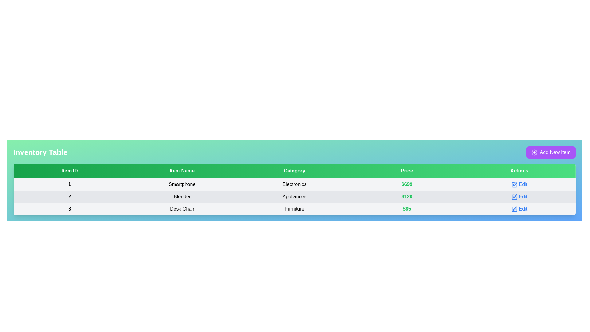 This screenshot has height=332, width=590. I want to click on the text 'Smartphone' located in the second column of the first data row under the 'Item Name' heading, so click(182, 184).